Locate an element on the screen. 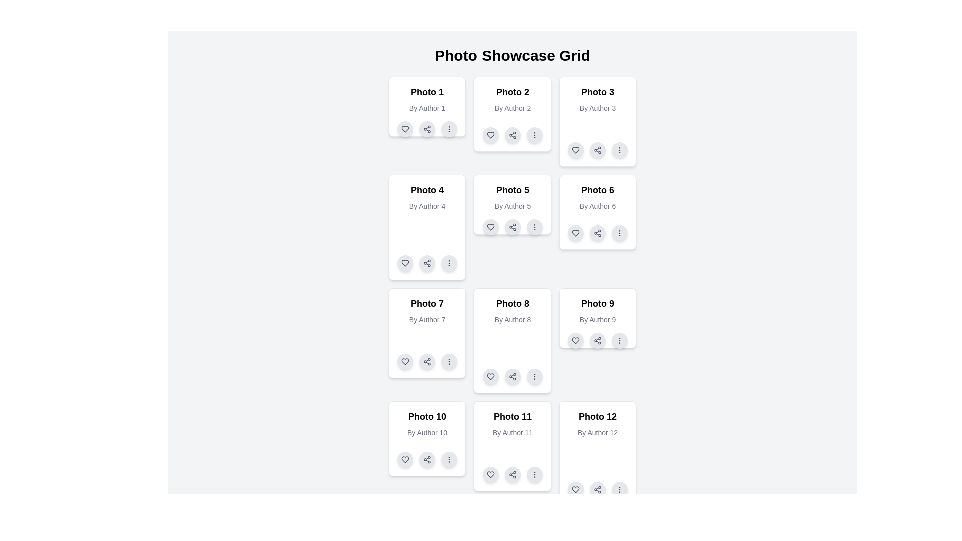 Image resolution: width=962 pixels, height=541 pixels. the interactive sharing icon located at the bottom of the card labeled 'Photo 1 By Author 1', which is the third icon in a set of three interactive elements is located at coordinates (427, 129).